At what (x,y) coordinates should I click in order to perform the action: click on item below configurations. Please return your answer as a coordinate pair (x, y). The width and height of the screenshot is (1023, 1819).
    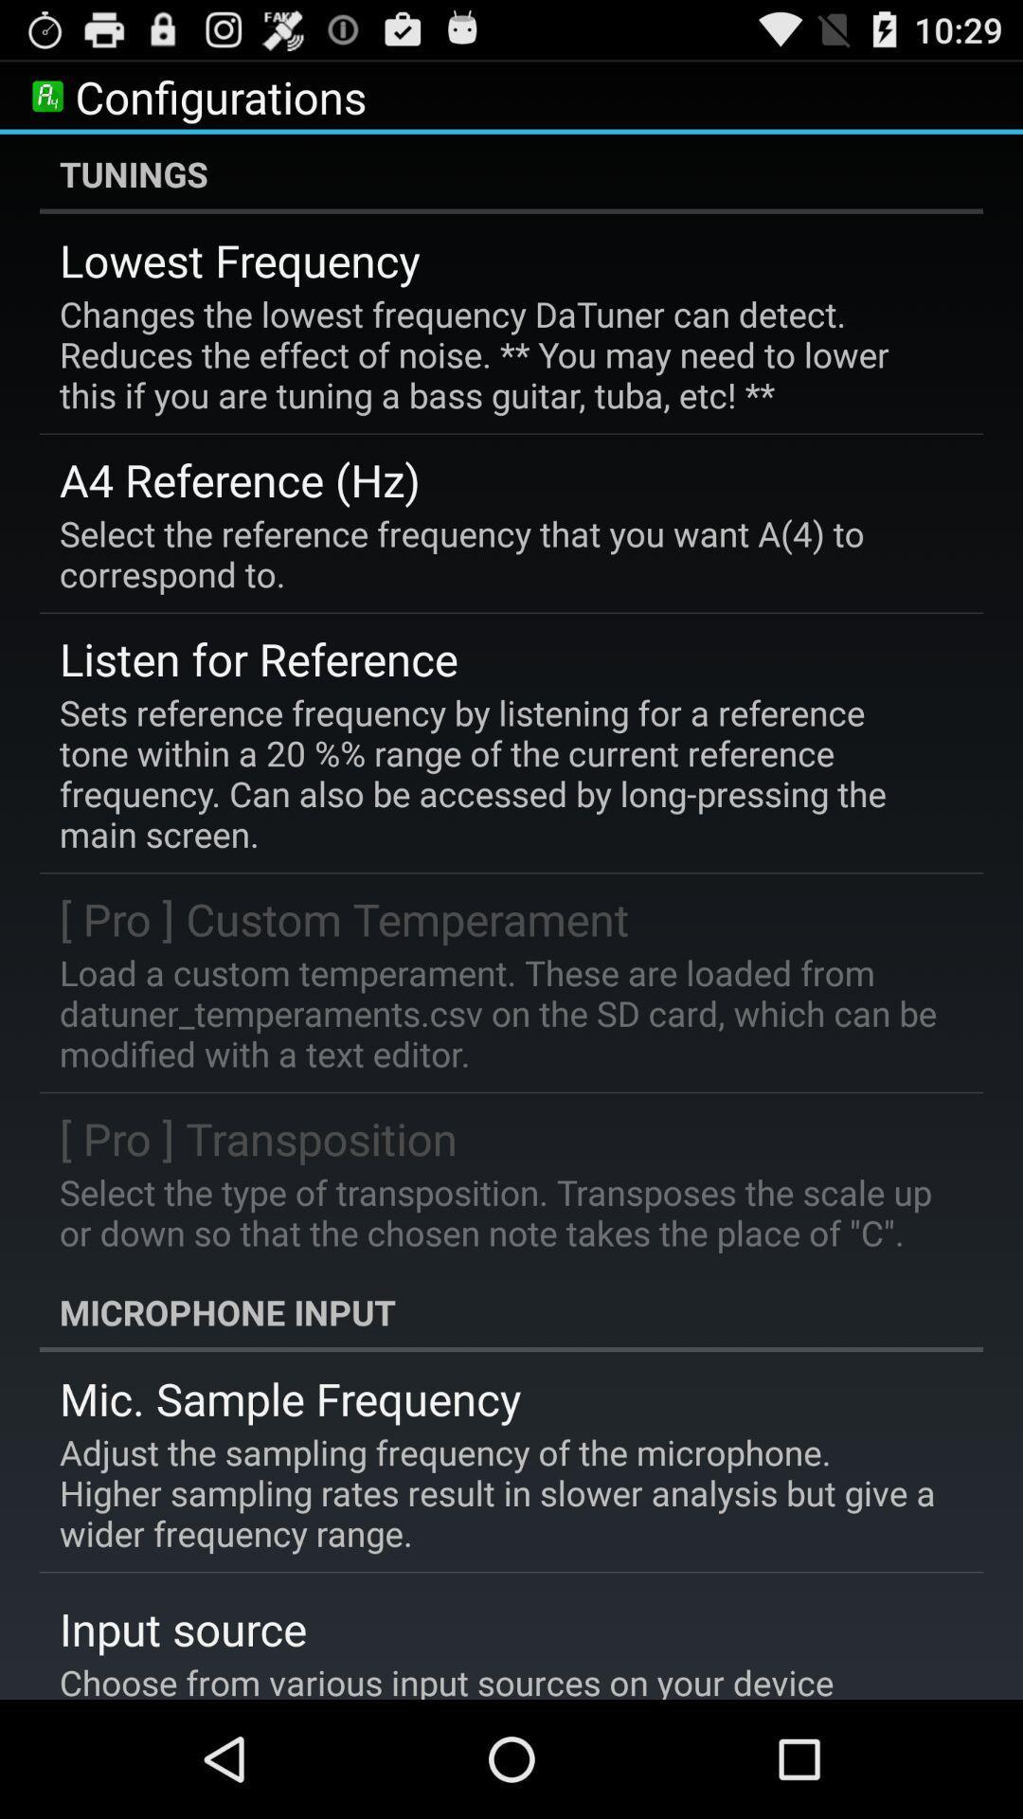
    Looking at the image, I should click on (511, 173).